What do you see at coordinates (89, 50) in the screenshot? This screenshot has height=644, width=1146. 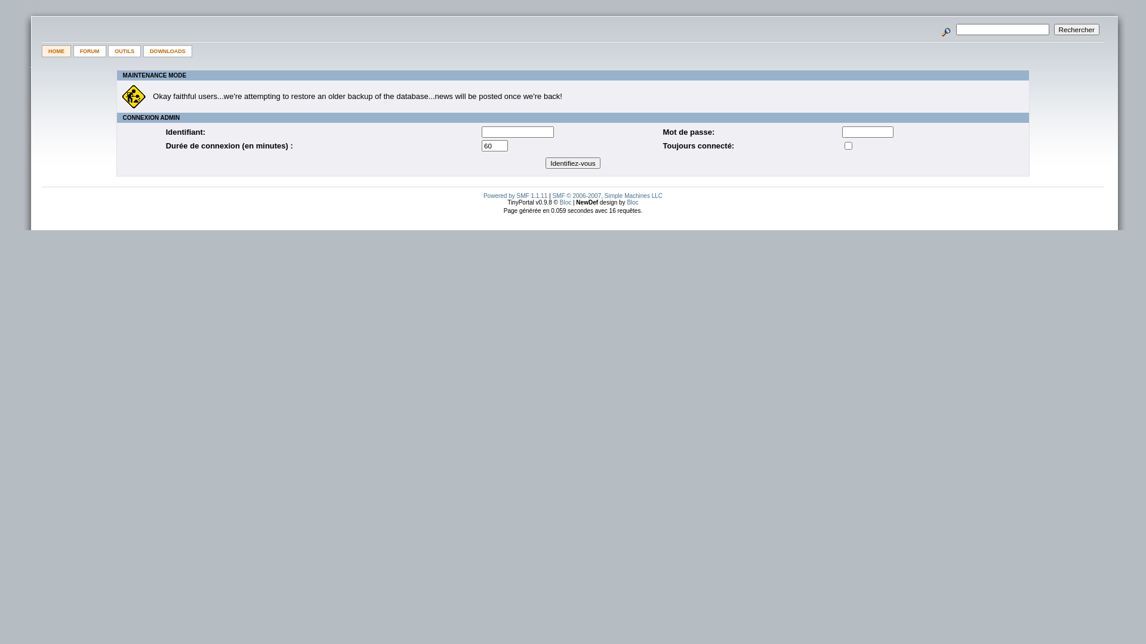 I see `'FORUM'` at bounding box center [89, 50].